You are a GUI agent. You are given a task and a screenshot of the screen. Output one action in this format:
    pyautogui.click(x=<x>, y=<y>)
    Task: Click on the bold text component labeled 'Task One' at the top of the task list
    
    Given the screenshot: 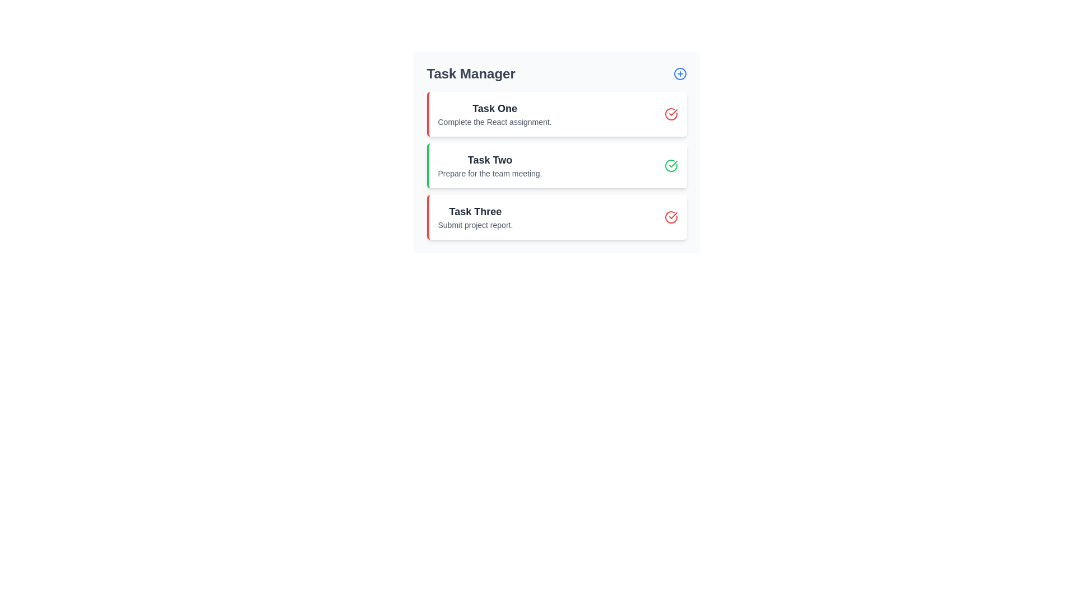 What is the action you would take?
    pyautogui.click(x=494, y=108)
    